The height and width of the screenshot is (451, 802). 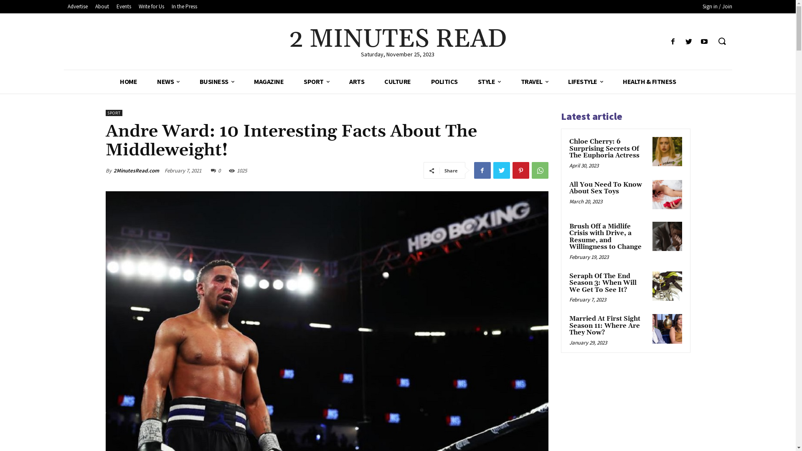 I want to click on 'Advertise', so click(x=63, y=6).